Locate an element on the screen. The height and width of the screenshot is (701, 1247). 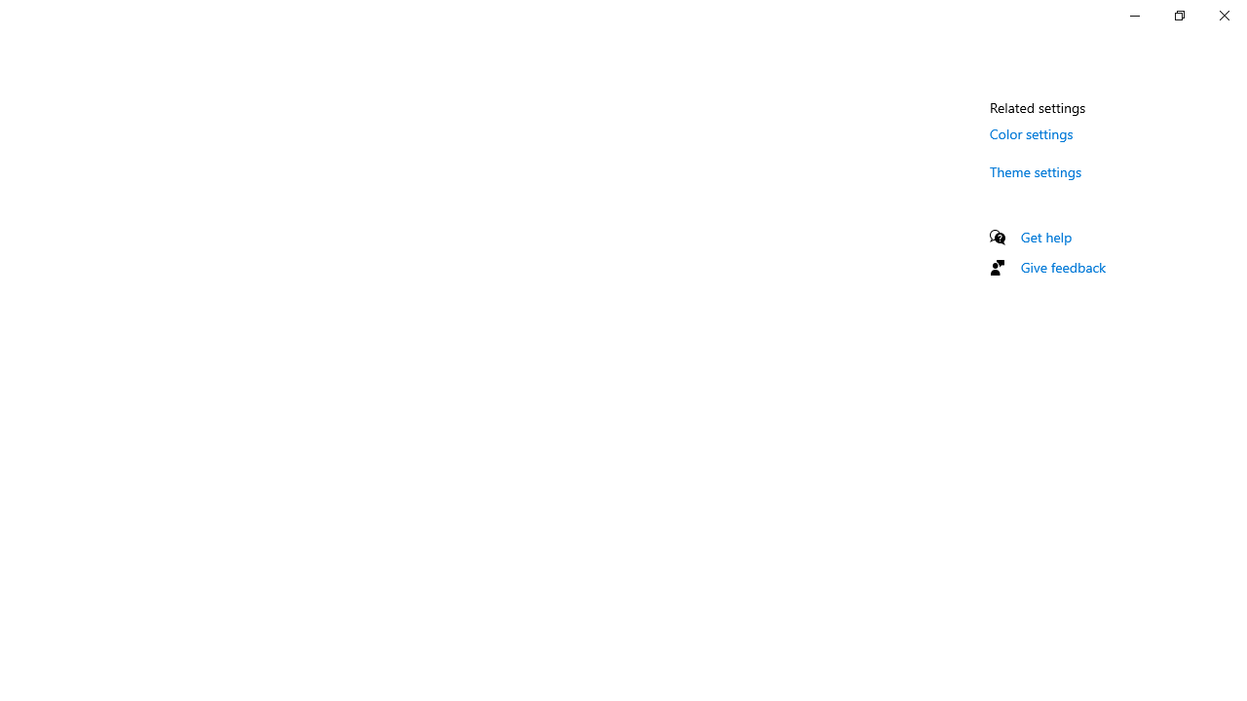
'Get help' is located at coordinates (1045, 236).